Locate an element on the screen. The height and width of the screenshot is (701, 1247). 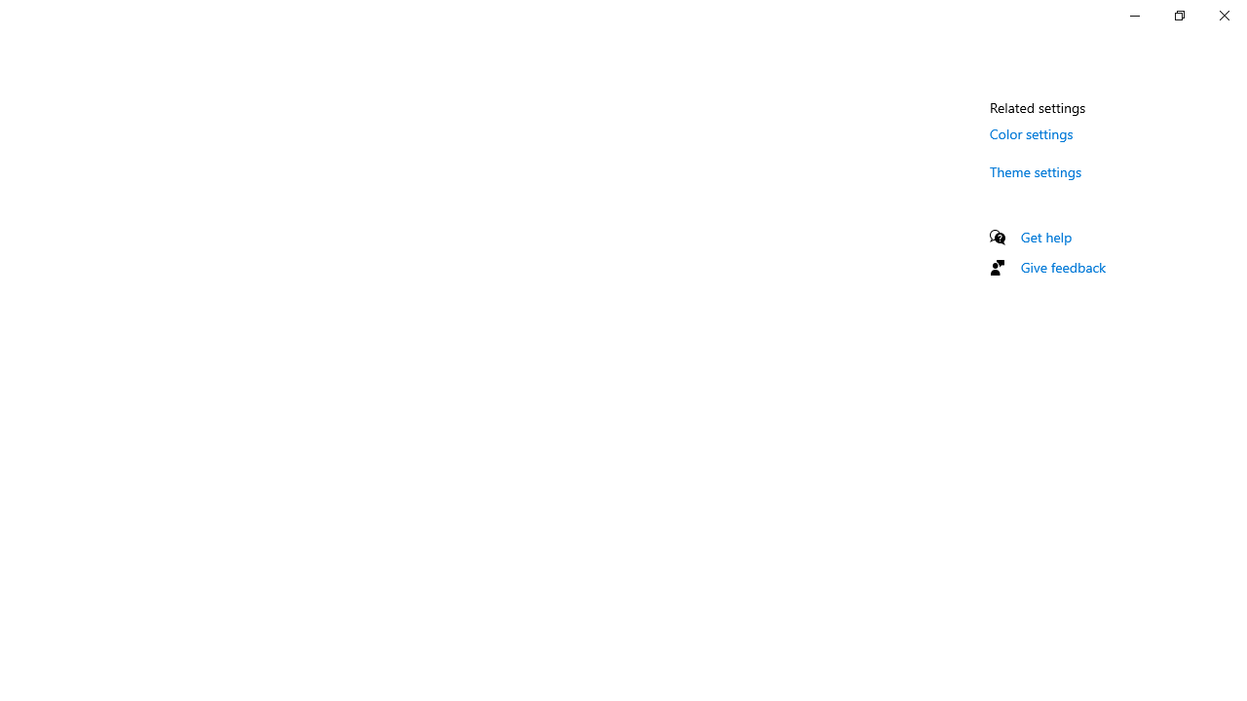
'Get help' is located at coordinates (1045, 236).